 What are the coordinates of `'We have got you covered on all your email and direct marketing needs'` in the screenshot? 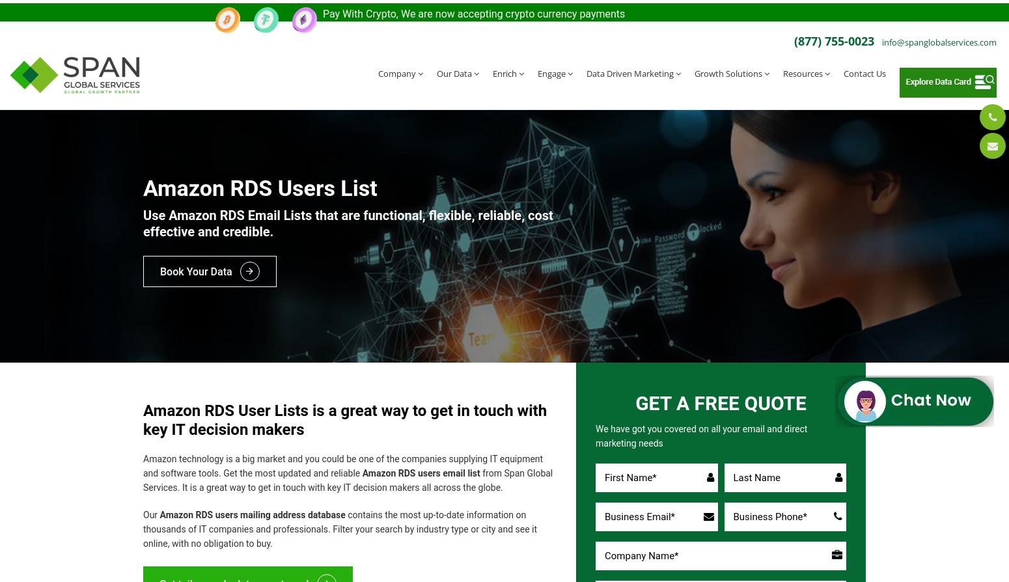 It's located at (701, 428).